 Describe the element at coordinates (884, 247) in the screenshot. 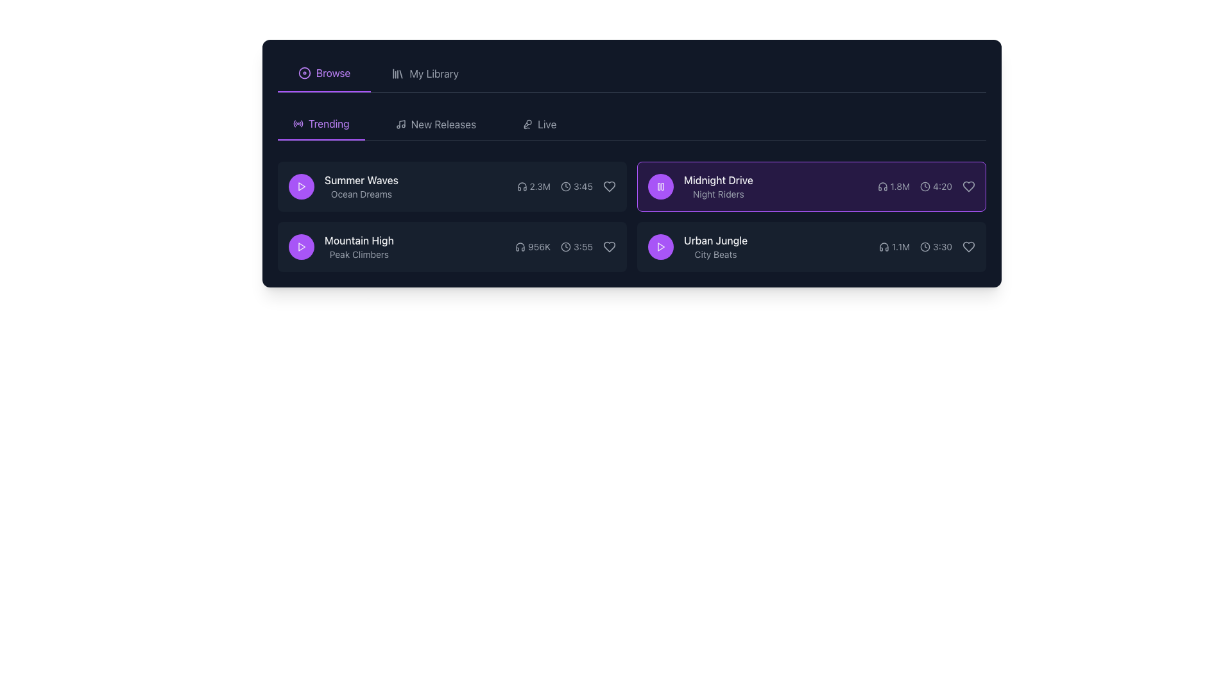

I see `the audio indicator icon located to the left of the number '1.1M' in the 'Urban Jungle' track entry` at that location.